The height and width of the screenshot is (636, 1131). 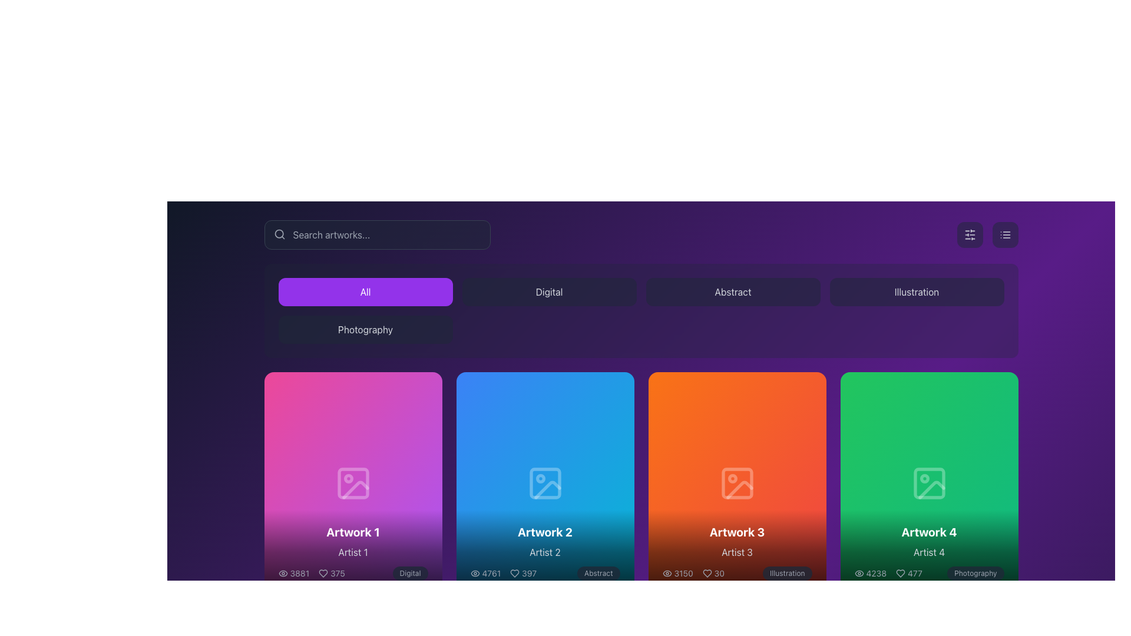 What do you see at coordinates (352, 483) in the screenshot?
I see `the SVG icon depicting a stylized photograph, which is centrally located within the pink card labeled 'Artwork 1'` at bounding box center [352, 483].